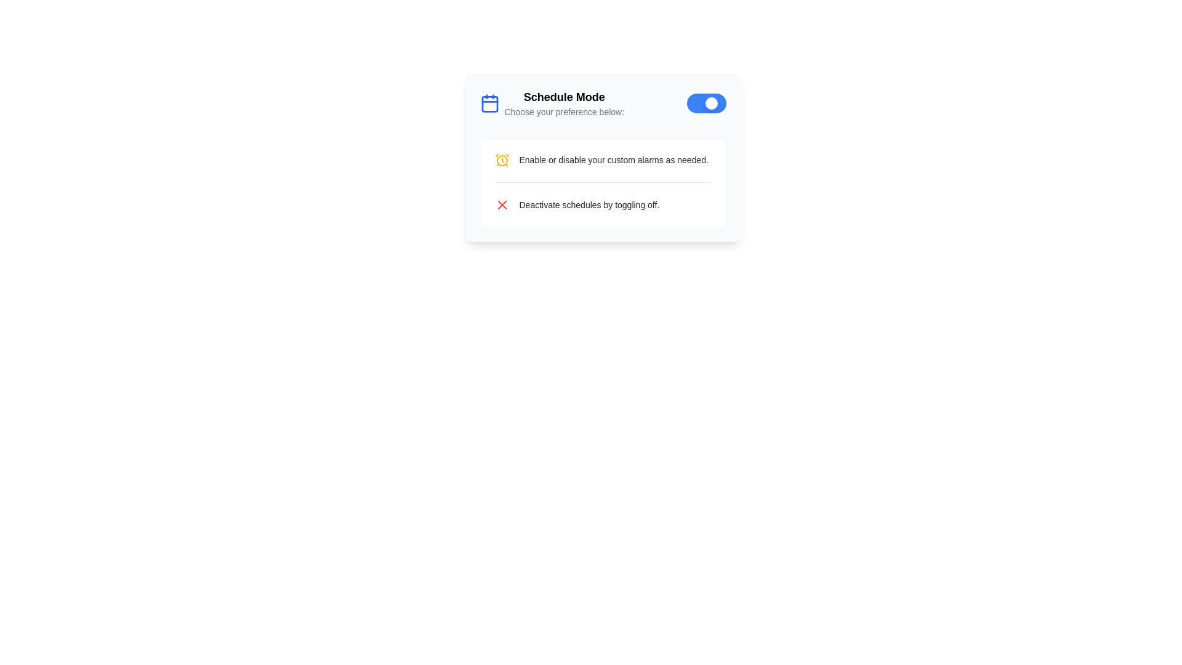 This screenshot has width=1182, height=665. What do you see at coordinates (502, 204) in the screenshot?
I see `the small red 'X' icon located on the right-hand side of the text 'Deactivate schedules by toggling off' to indicate negation` at bounding box center [502, 204].